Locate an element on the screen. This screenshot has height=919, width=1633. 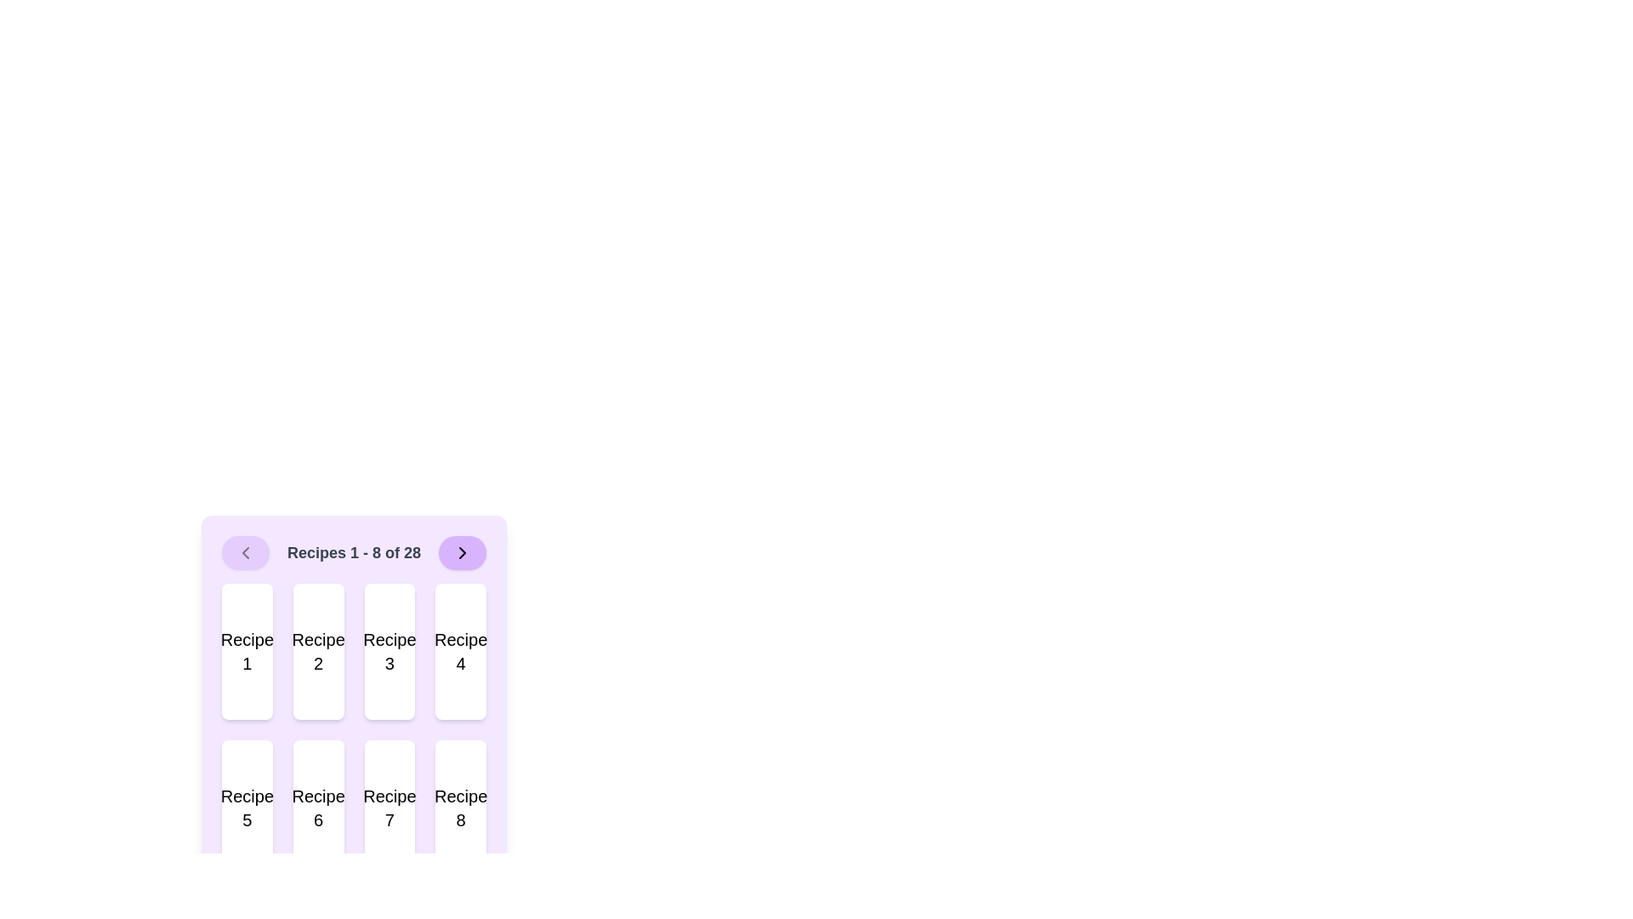
the static recipe card presentation located in the first column of the second row beneath 'Recipe 1' is located at coordinates (246, 807).